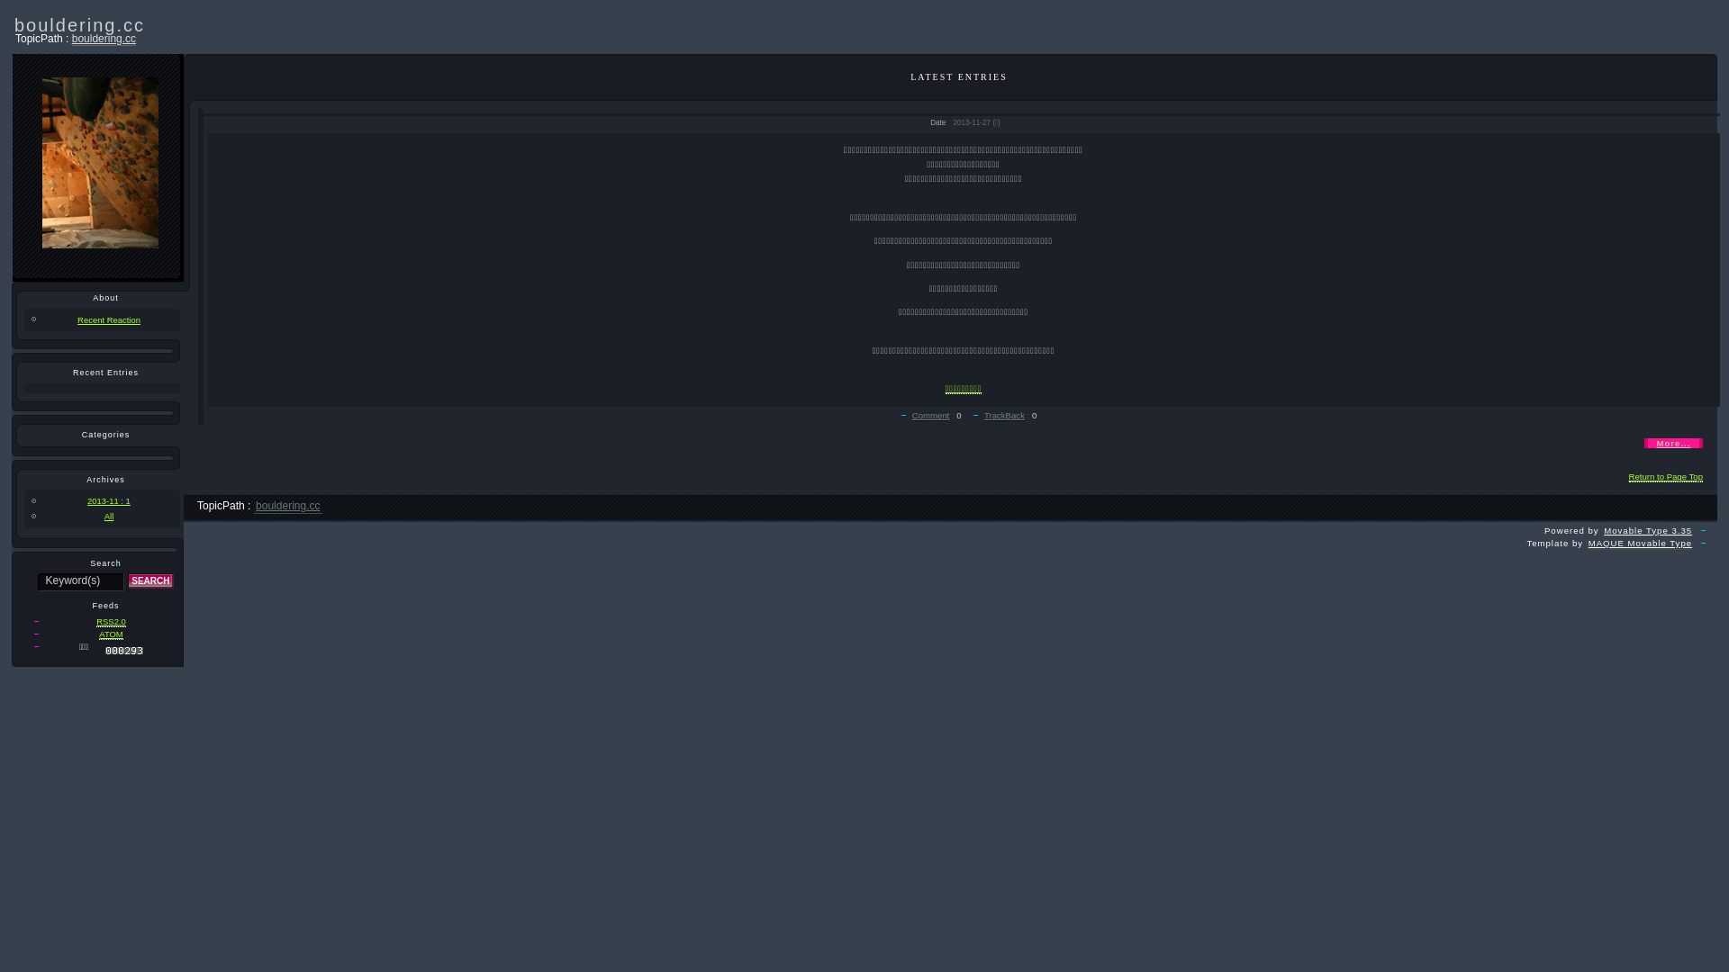 Image resolution: width=1729 pixels, height=972 pixels. I want to click on 'ATOM', so click(110, 634).